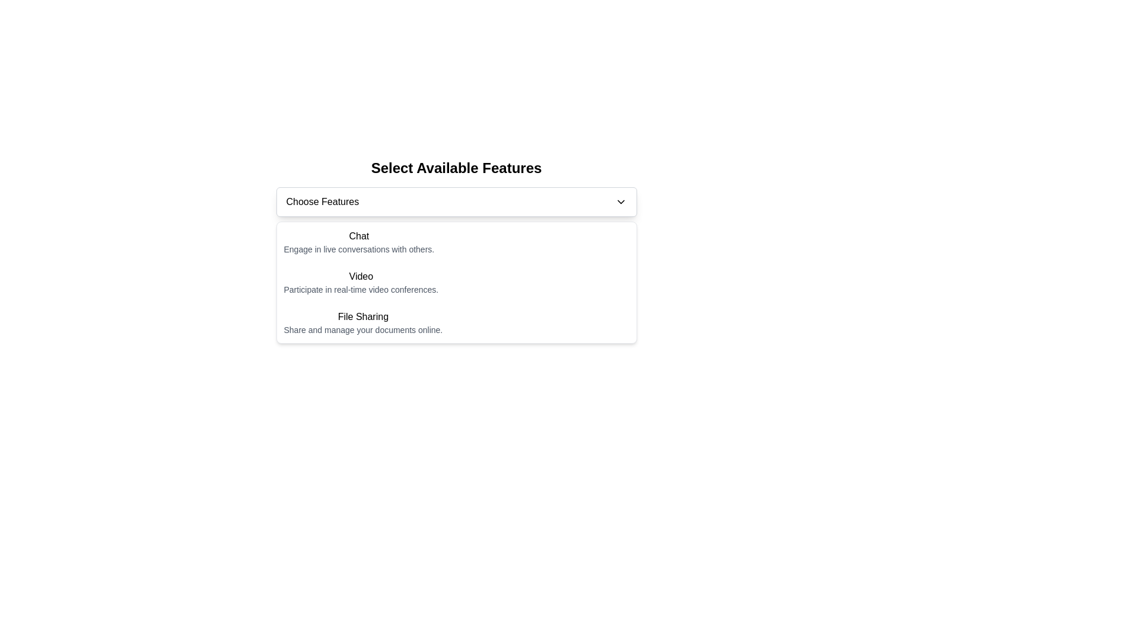 This screenshot has width=1139, height=640. Describe the element at coordinates (362, 322) in the screenshot. I see `the 'File Sharing' label with the subtitle 'Share and manage your documents online', which is the third item in the feature list` at that location.